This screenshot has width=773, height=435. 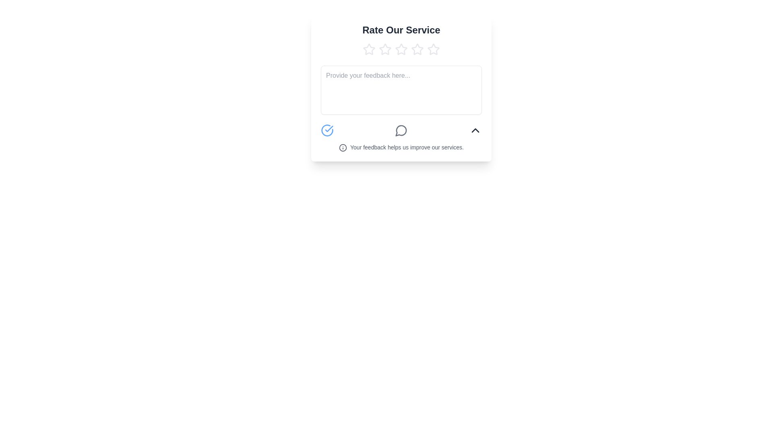 I want to click on the third star in the rating system to provide a rating of three out of five stars, so click(x=417, y=49).